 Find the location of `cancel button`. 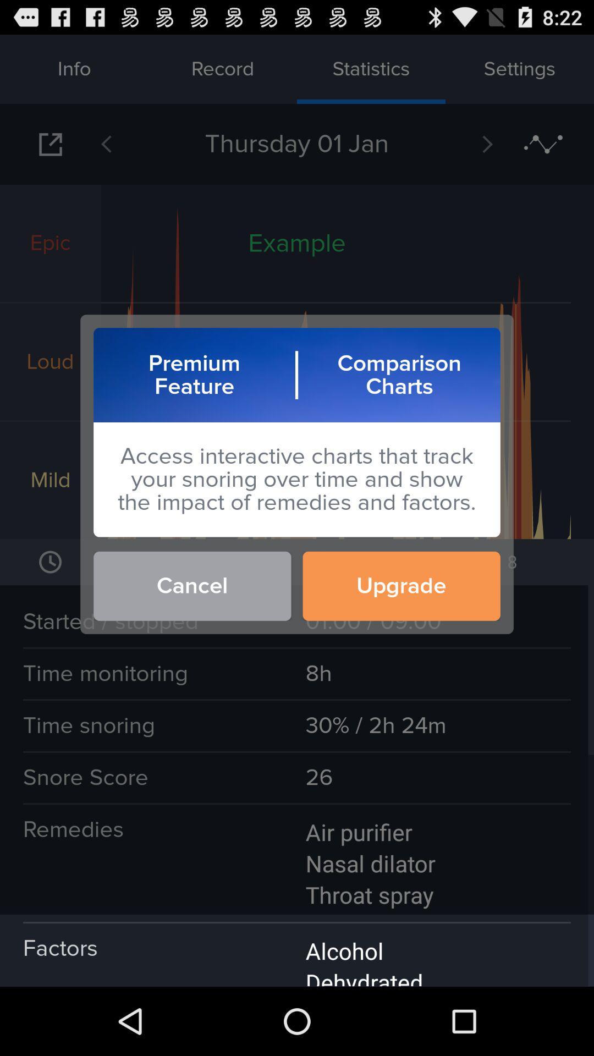

cancel button is located at coordinates (191, 585).